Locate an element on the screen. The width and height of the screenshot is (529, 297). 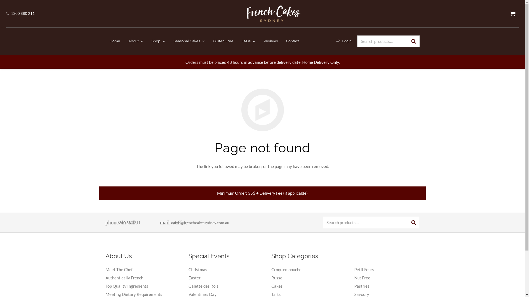
'1300 880 211' is located at coordinates (22, 13).